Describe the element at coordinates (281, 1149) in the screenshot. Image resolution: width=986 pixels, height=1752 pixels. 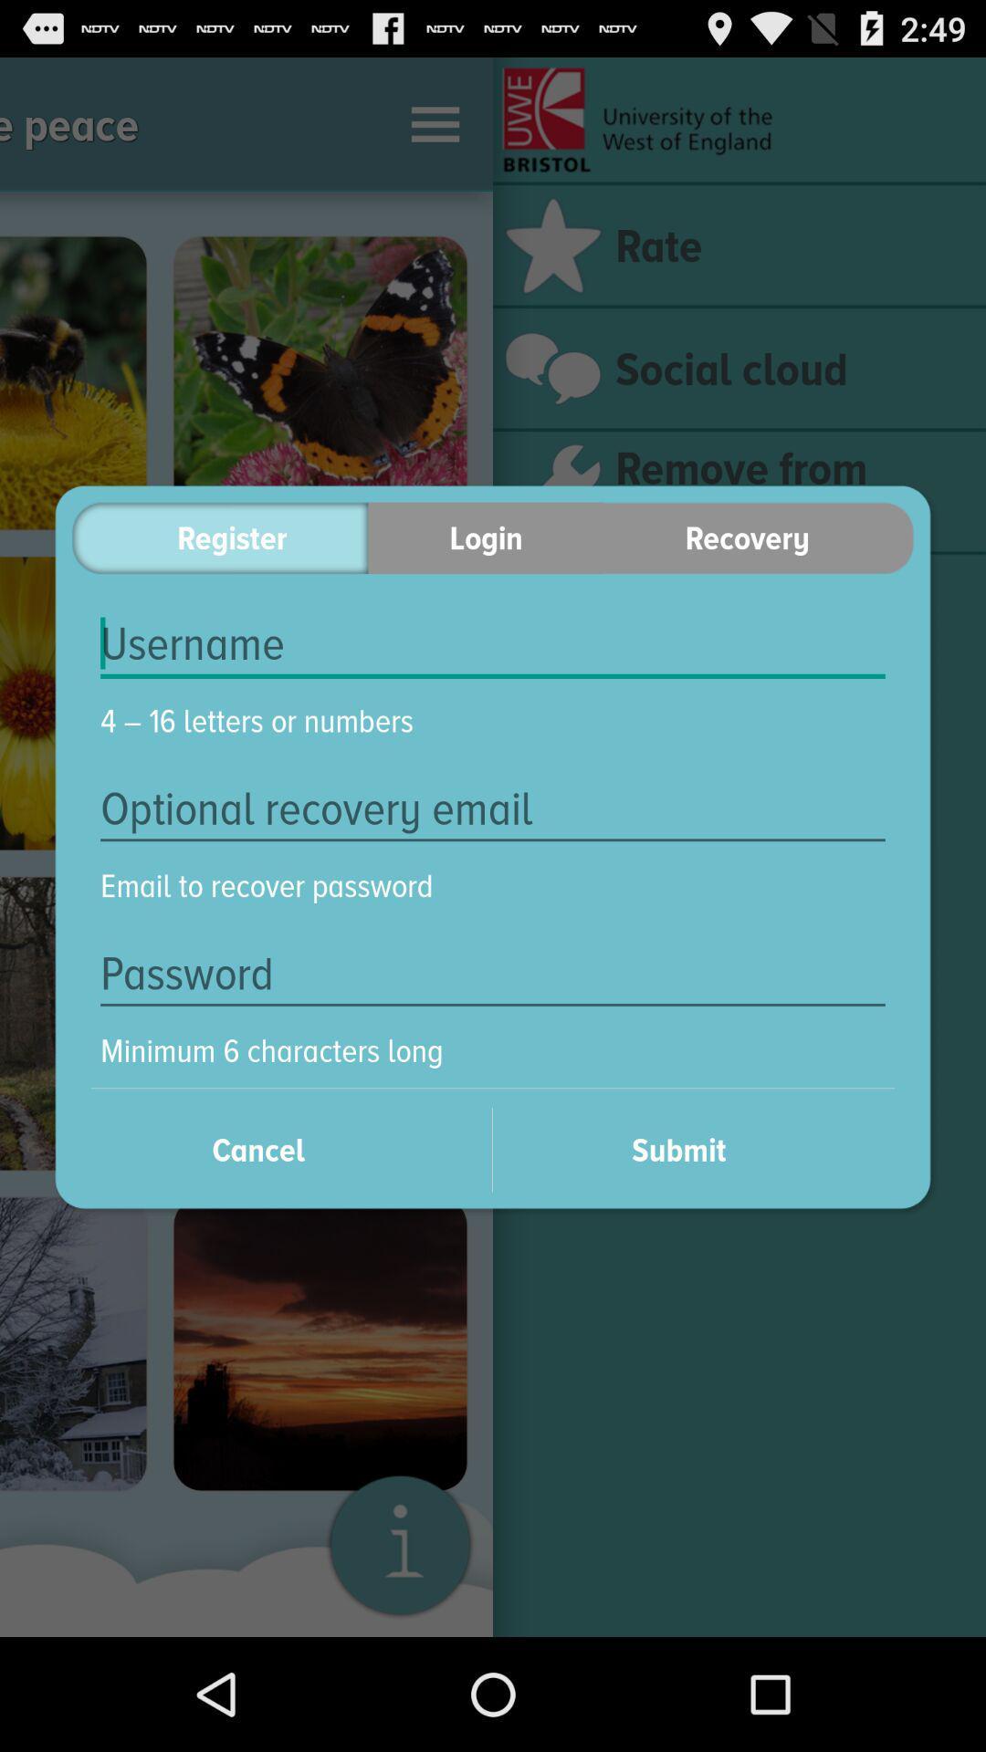
I see `cancel on the left` at that location.